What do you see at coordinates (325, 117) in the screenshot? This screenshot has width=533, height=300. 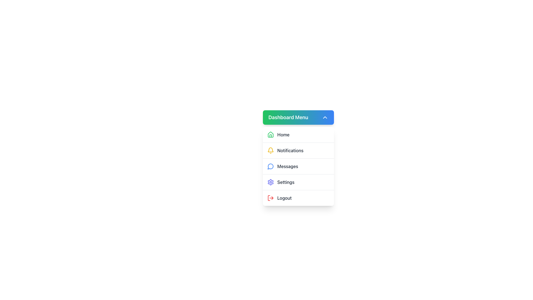 I see `the upward-pointing chevron icon located on the far right of the 'Dashboard Menu' header to show the context menu` at bounding box center [325, 117].